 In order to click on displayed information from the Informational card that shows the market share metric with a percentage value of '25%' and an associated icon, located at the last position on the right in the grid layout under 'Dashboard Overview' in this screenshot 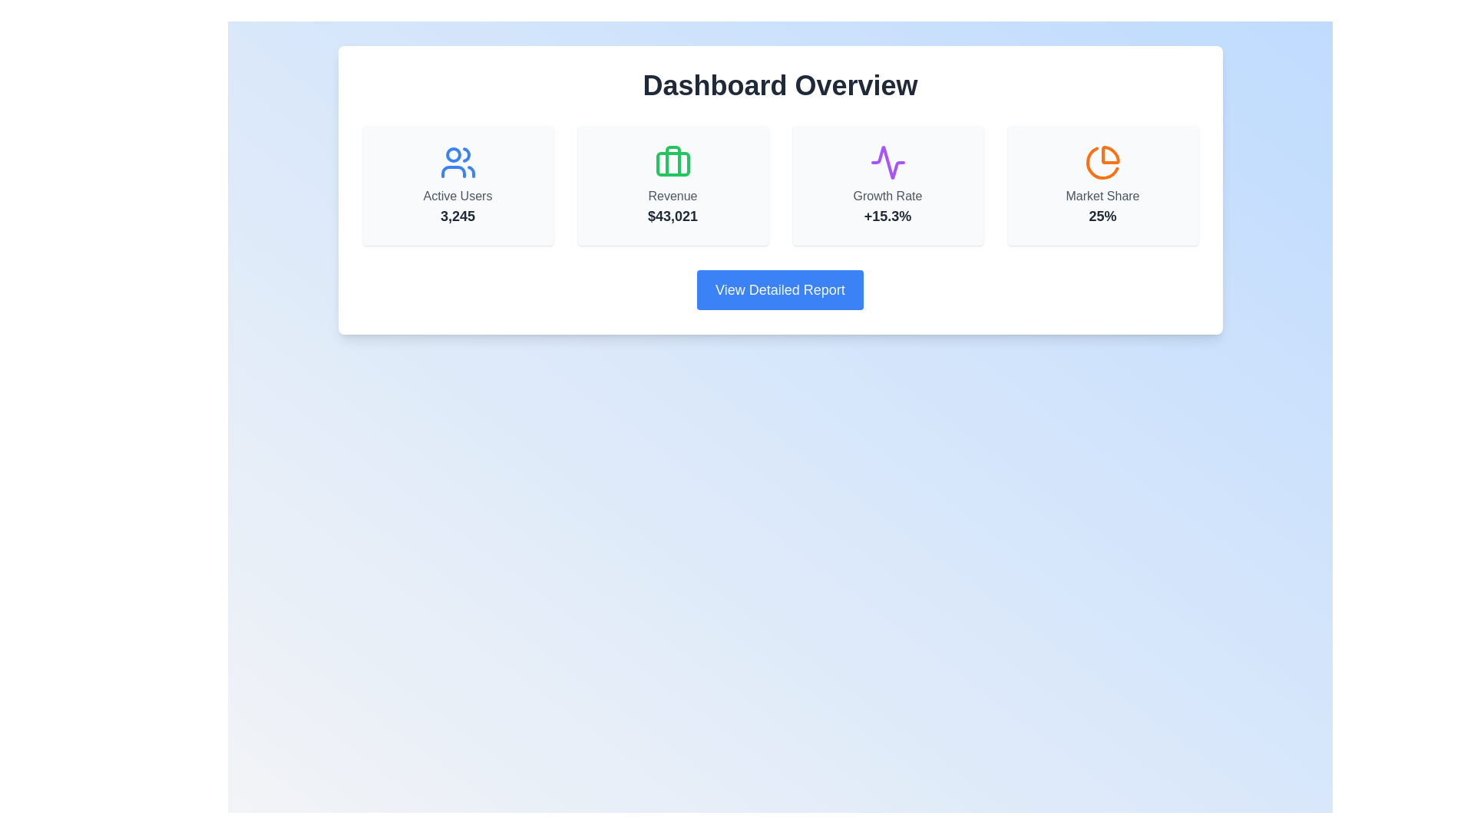, I will do `click(1102, 185)`.